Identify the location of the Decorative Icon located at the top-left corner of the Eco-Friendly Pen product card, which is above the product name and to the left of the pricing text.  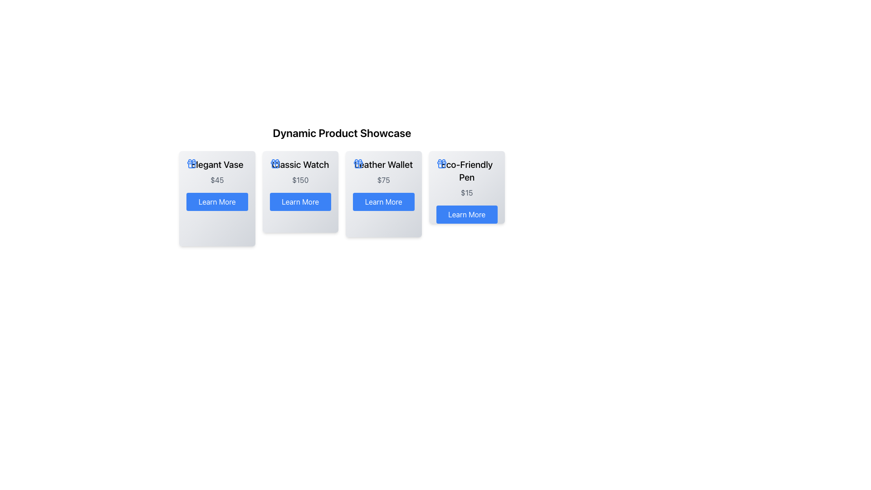
(441, 164).